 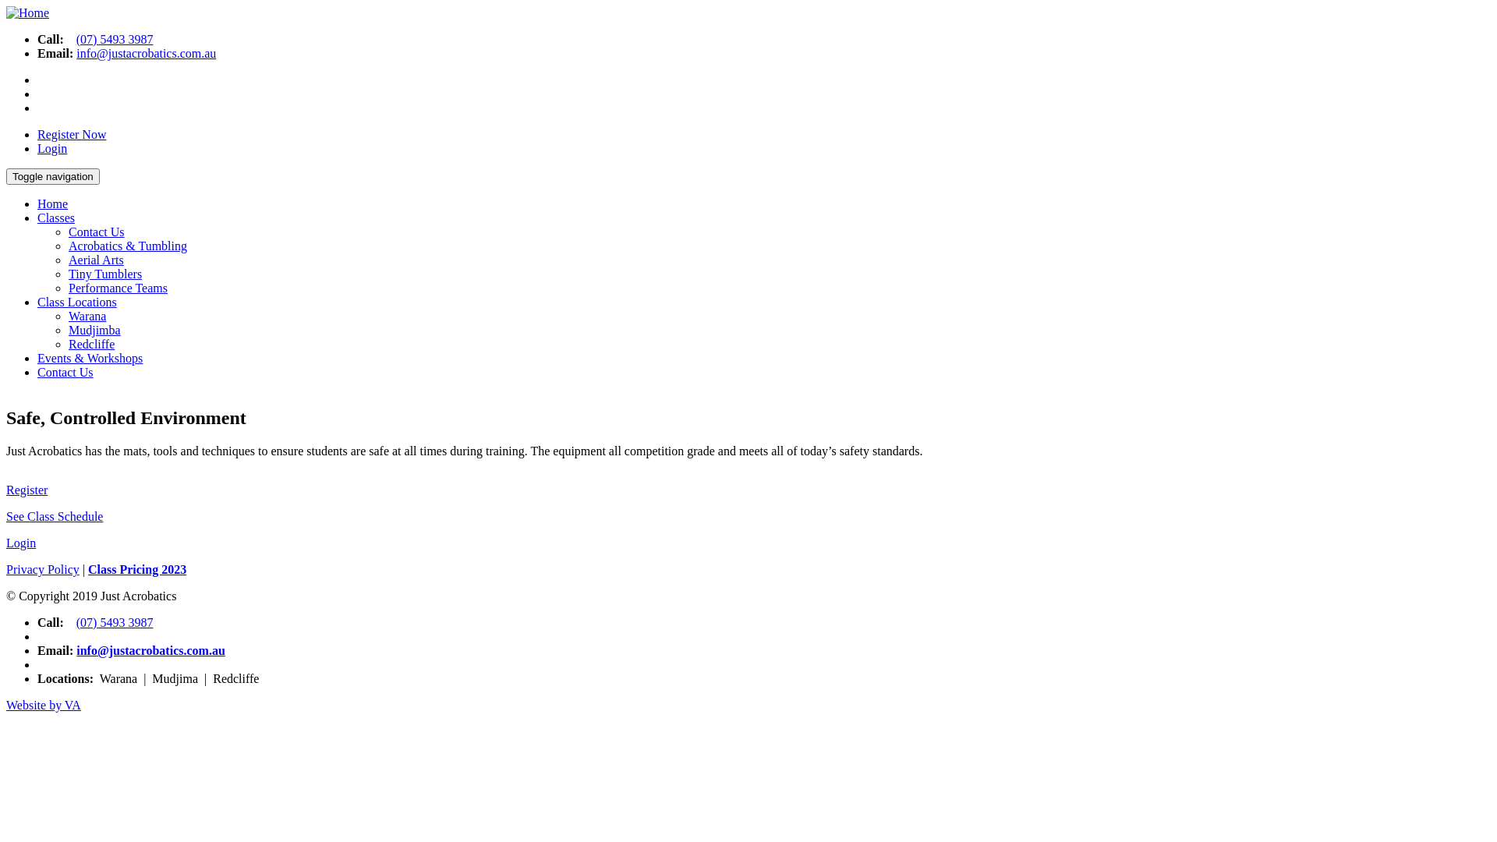 I want to click on 'Privacy Policy', so click(x=42, y=569).